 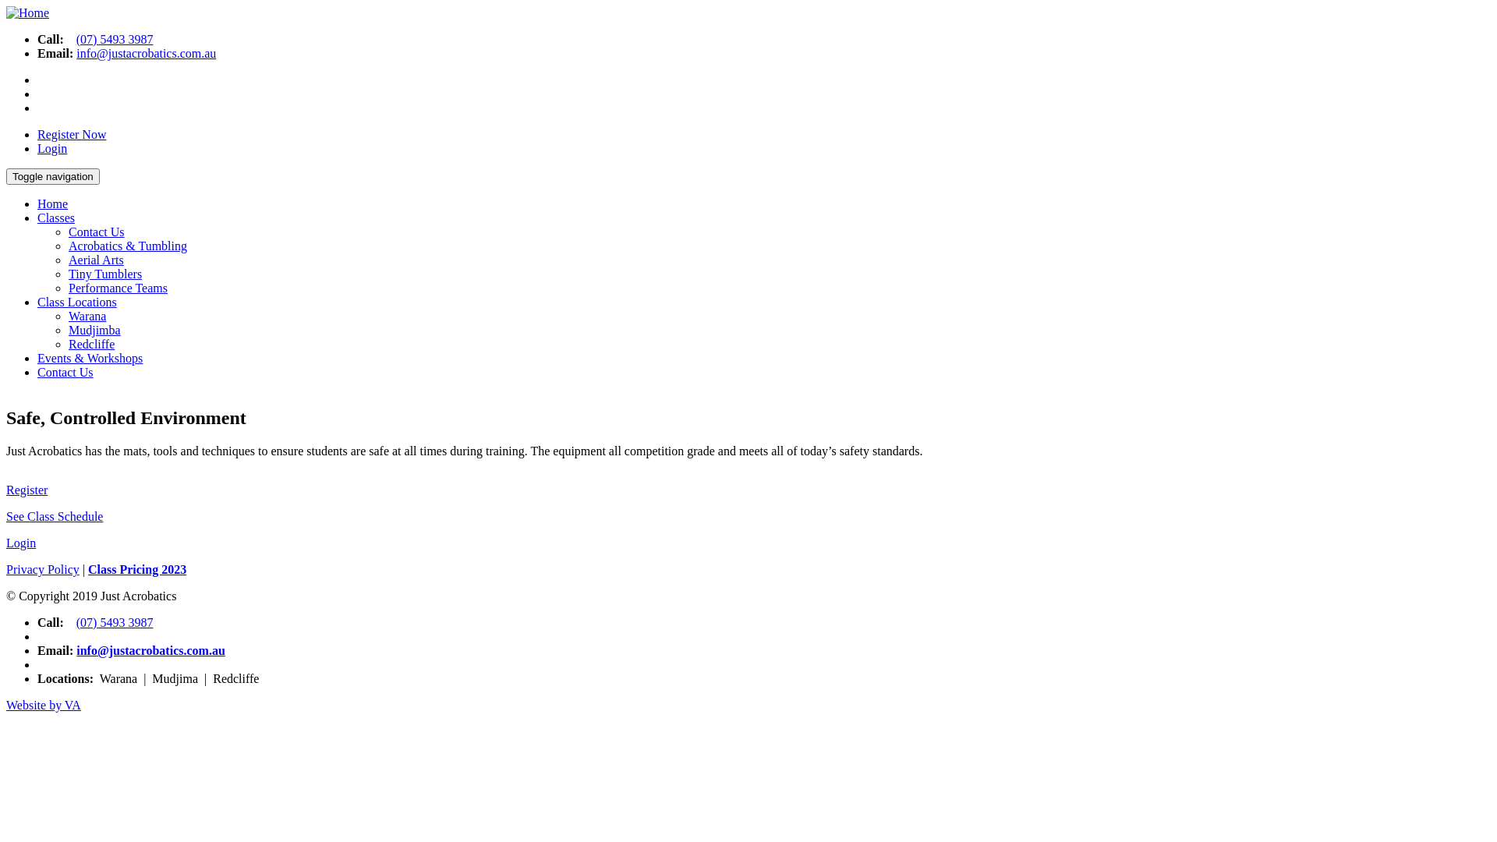 I want to click on 'Privacy Policy', so click(x=42, y=569).